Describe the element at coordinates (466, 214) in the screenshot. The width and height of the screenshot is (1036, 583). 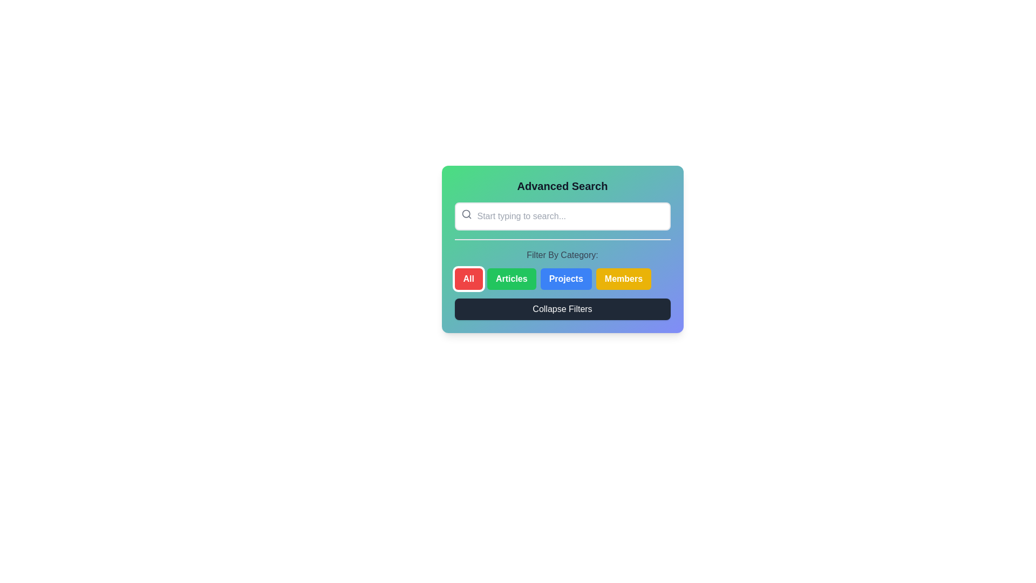
I see `the circular part of the magnifying glass icon, which has a gray border and transparent fill, located to the left of the input field labeled 'Start typing to search...' in the 'Advanced Search' section` at that location.